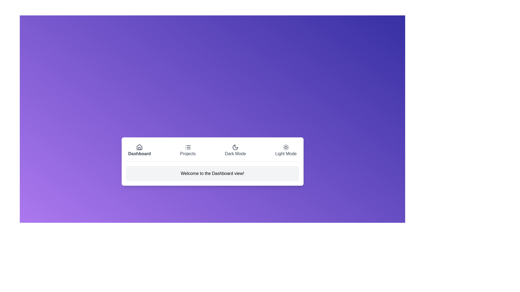 This screenshot has height=292, width=520. I want to click on the tab labeled Dashboard by clicking on it, so click(139, 150).